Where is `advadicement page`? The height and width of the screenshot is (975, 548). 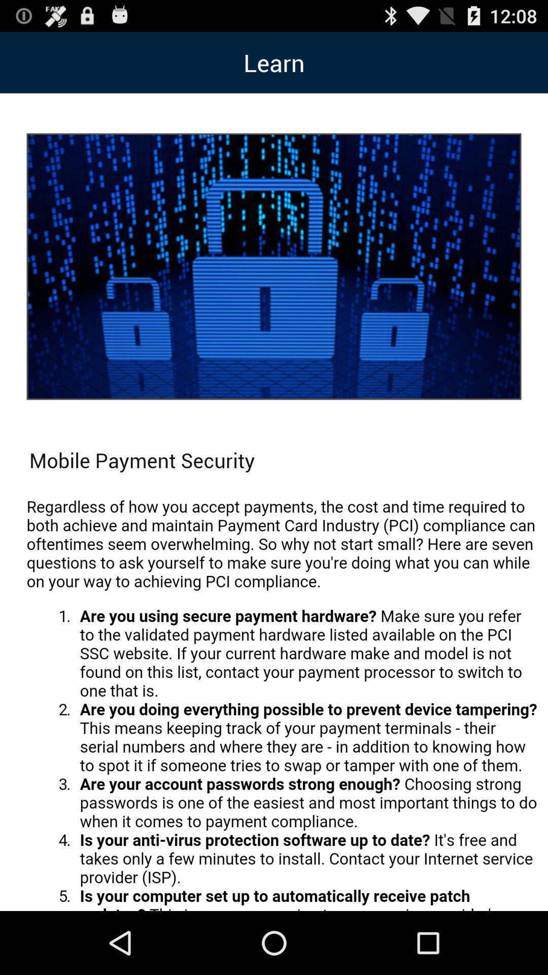
advadicement page is located at coordinates (282, 698).